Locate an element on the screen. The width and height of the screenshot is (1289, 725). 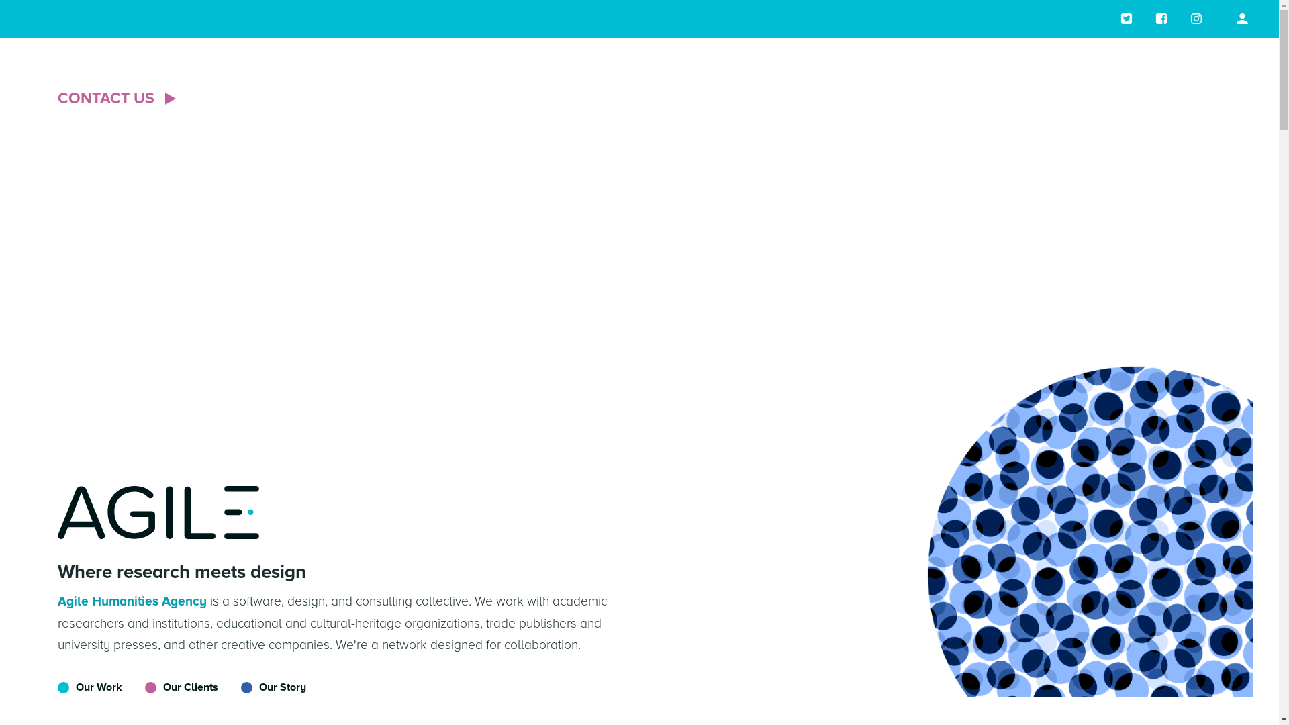
'Our Clients' is located at coordinates (171, 687).